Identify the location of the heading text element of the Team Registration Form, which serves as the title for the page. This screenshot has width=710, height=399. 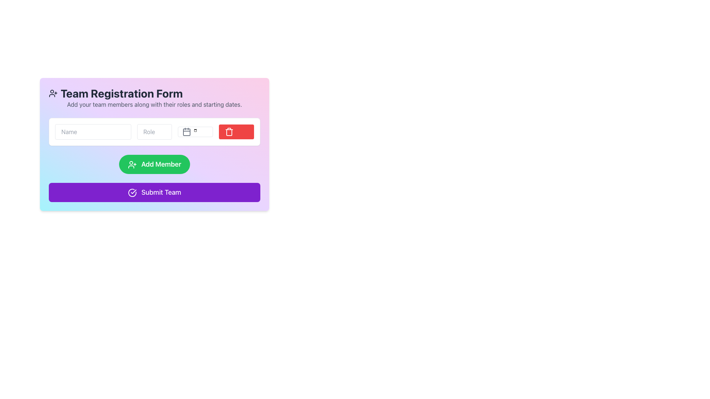
(154, 93).